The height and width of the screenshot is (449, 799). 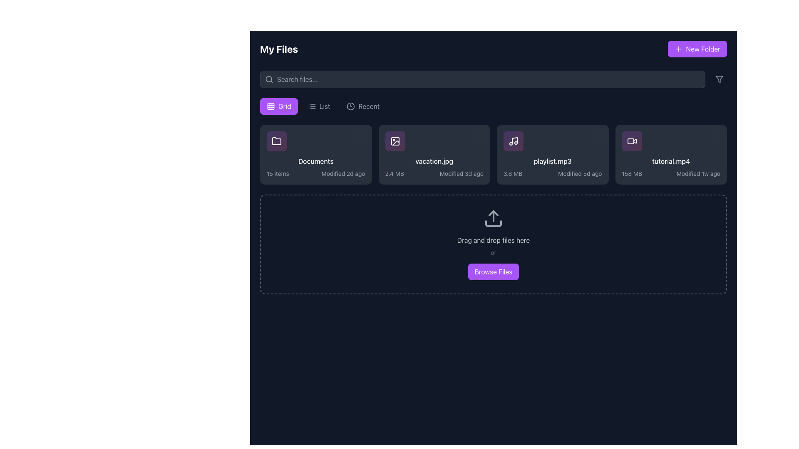 I want to click on the search icon located on the leftmost side of the search input field within the search bar component, which is positioned centrally in height and inset from the left border, so click(x=269, y=79).